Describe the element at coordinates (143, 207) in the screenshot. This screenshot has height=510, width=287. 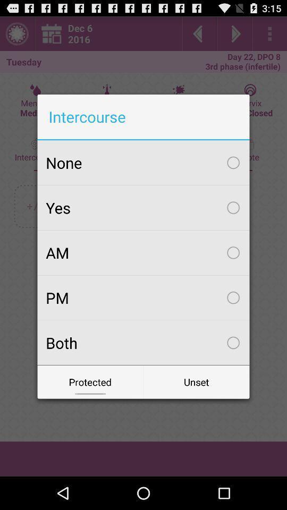
I see `yes icon` at that location.